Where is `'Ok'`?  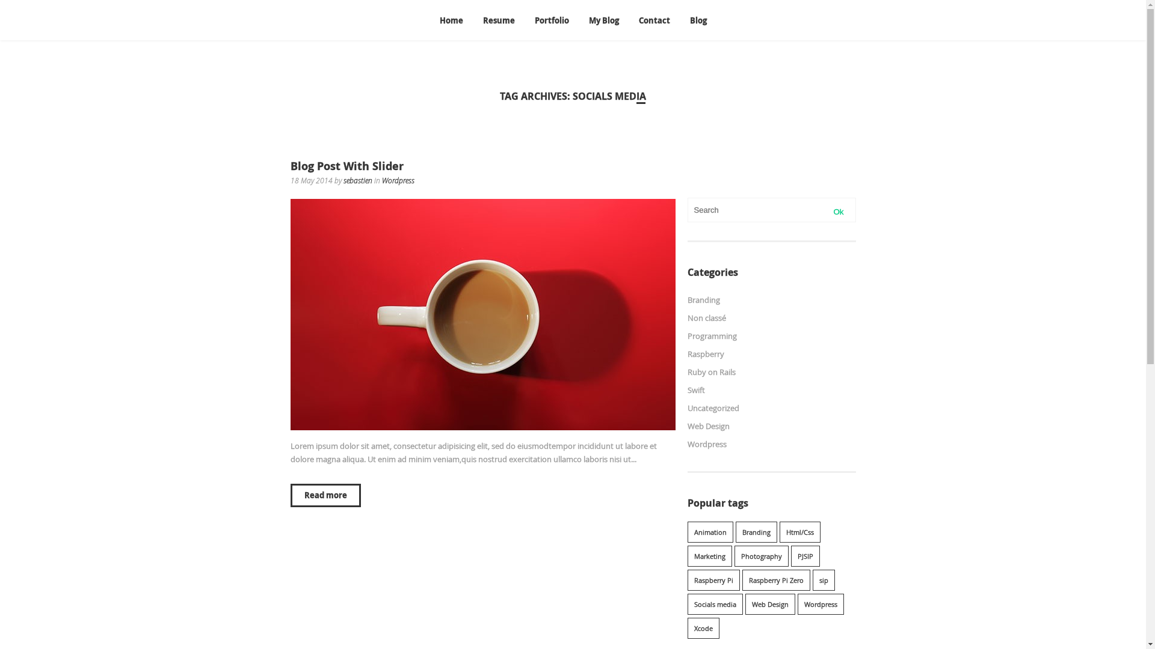 'Ok' is located at coordinates (837, 211).